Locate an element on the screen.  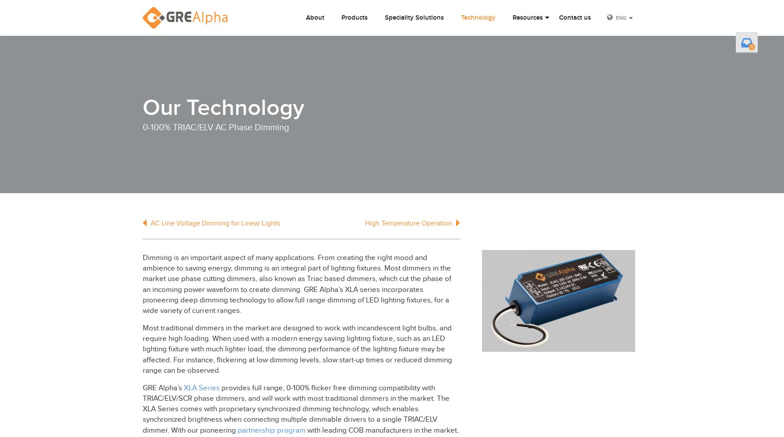
'0-100% TRIAC/ELV AC Phase Dimming' is located at coordinates (215, 127).